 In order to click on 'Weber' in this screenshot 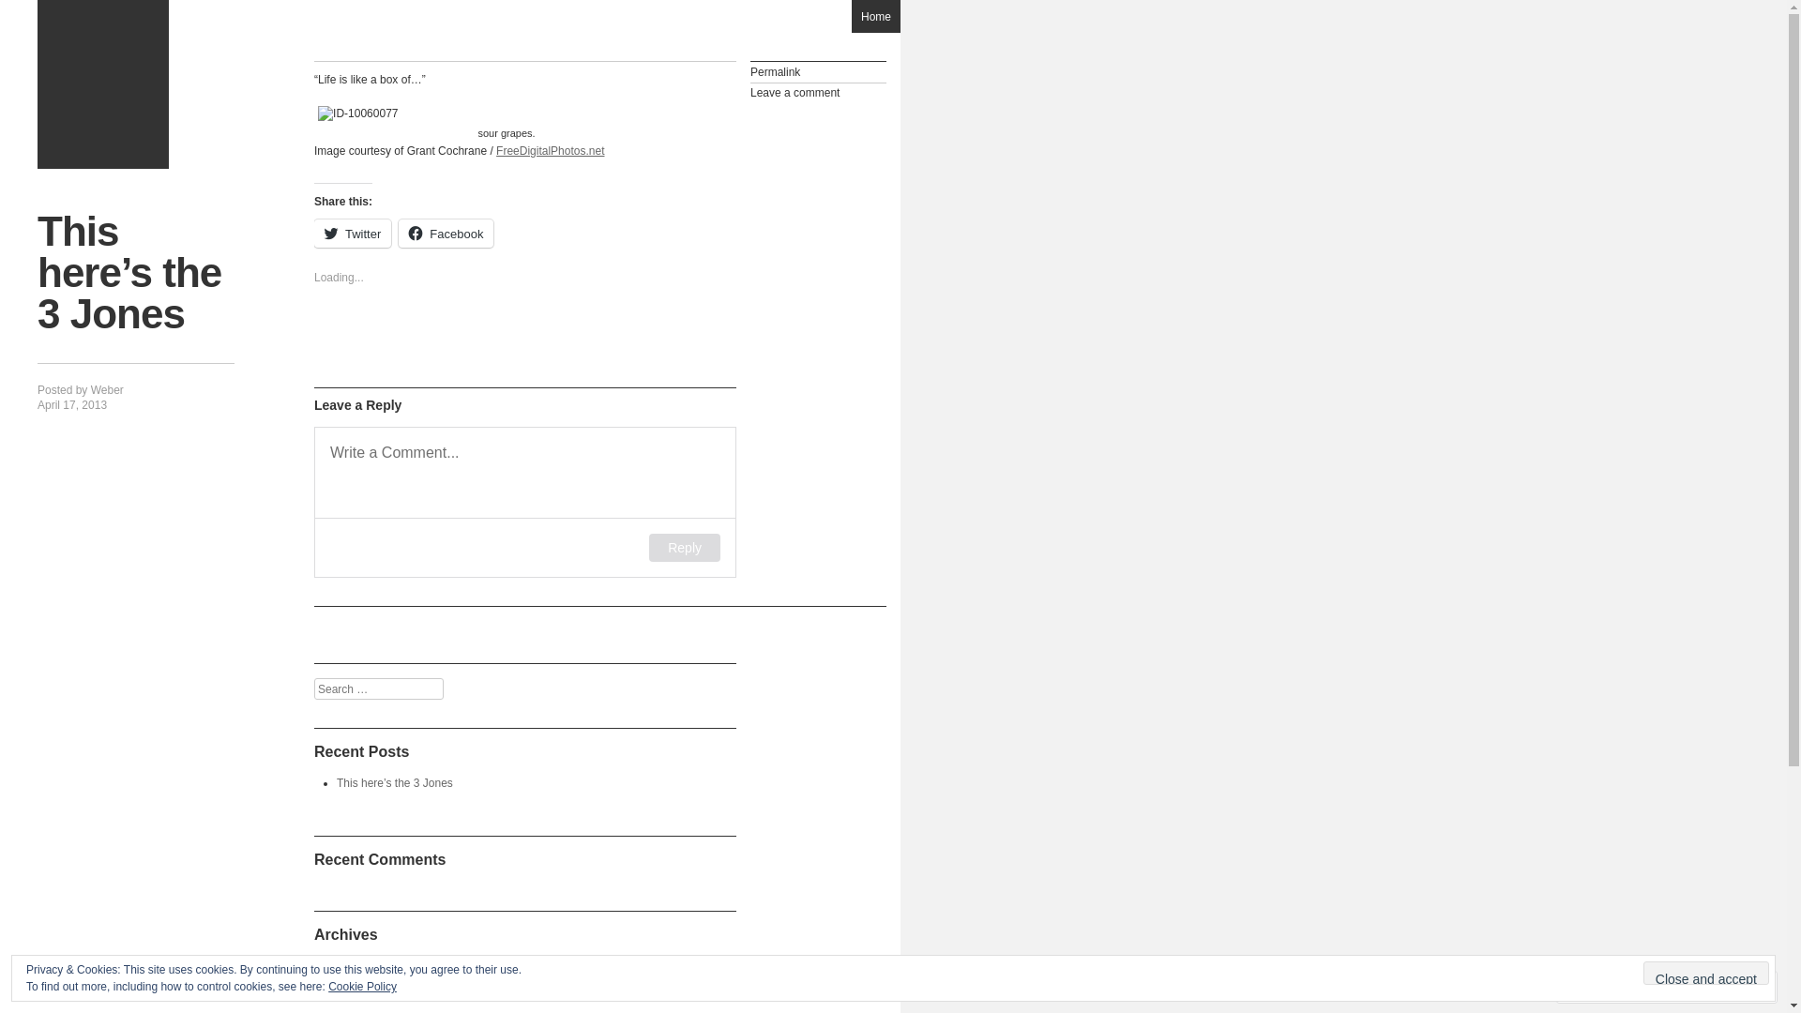, I will do `click(106, 389)`.